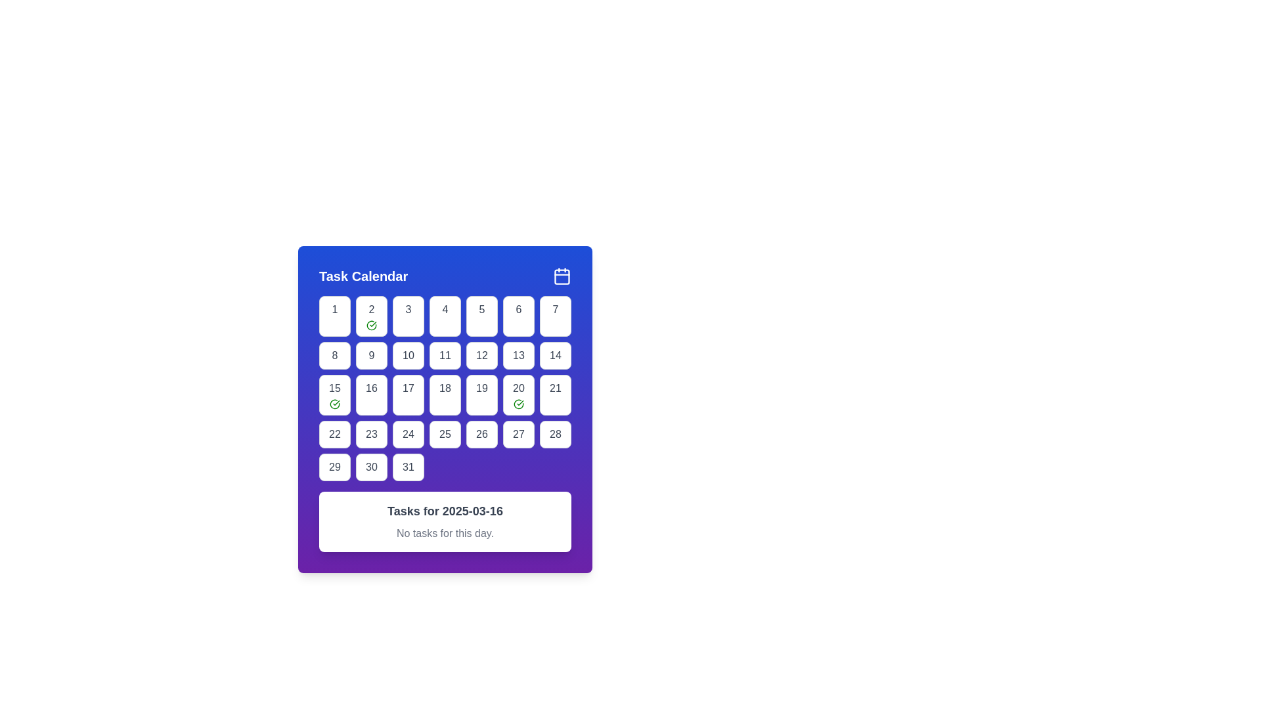 This screenshot has height=709, width=1261. What do you see at coordinates (445, 316) in the screenshot?
I see `the button representing the fourth day of the month in the calendar` at bounding box center [445, 316].